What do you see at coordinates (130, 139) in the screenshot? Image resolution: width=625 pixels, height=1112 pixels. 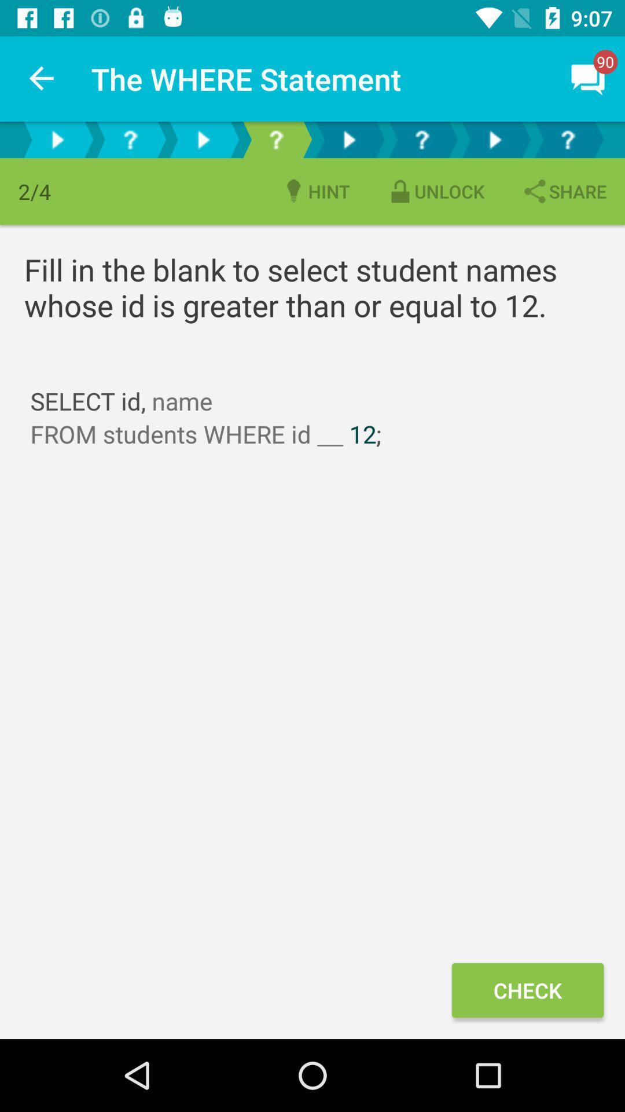 I see `question mark button` at bounding box center [130, 139].